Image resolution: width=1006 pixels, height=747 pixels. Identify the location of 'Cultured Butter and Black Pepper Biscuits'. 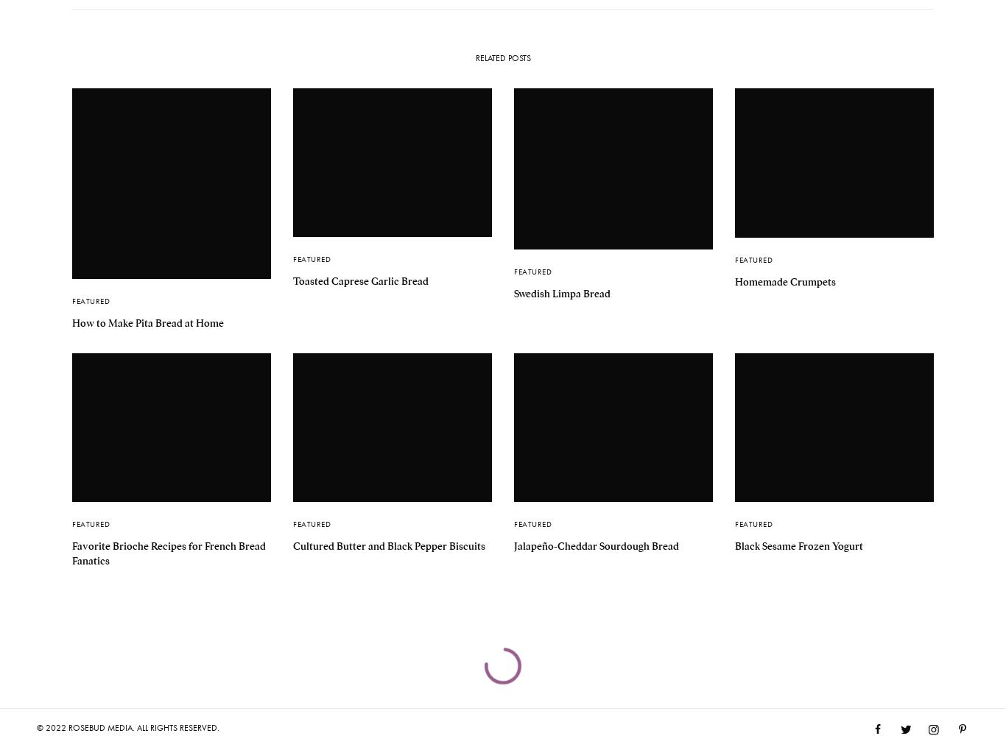
(292, 545).